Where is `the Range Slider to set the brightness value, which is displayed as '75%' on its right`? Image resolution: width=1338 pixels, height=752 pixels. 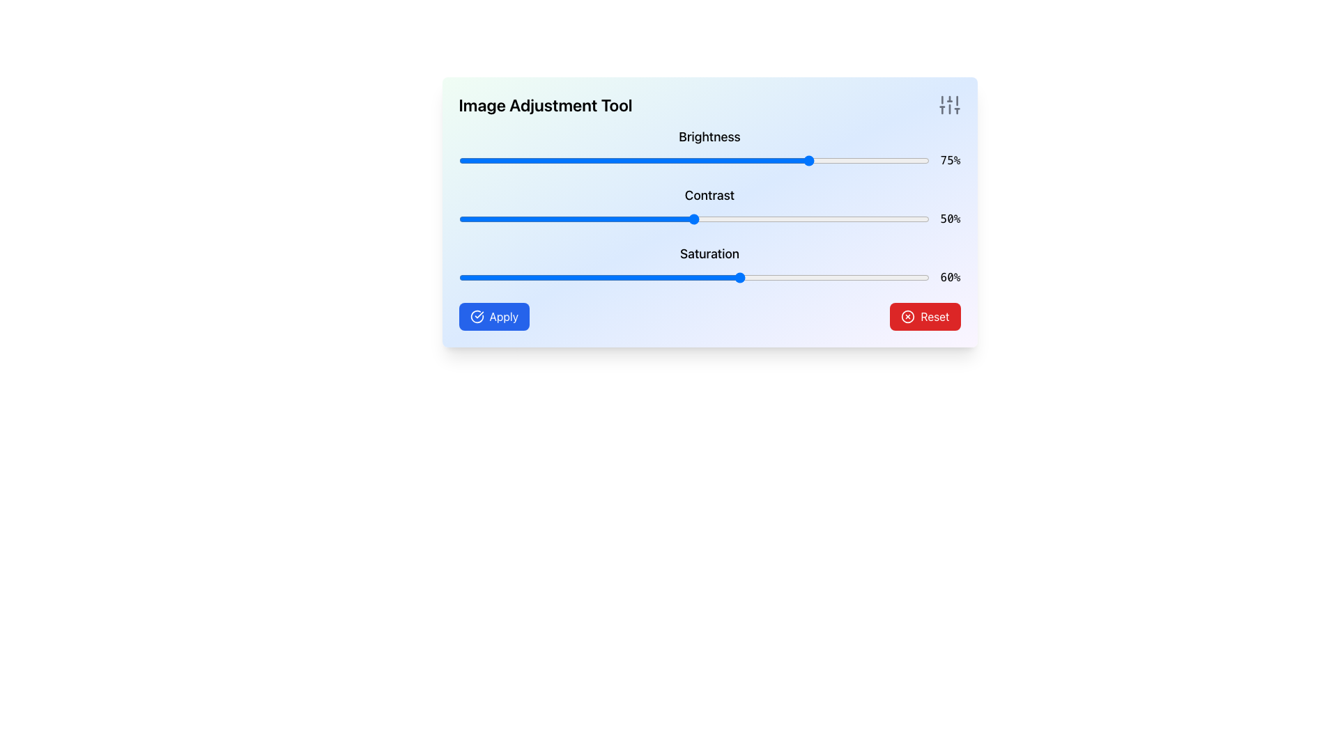 the Range Slider to set the brightness value, which is displayed as '75%' on its right is located at coordinates (694, 160).